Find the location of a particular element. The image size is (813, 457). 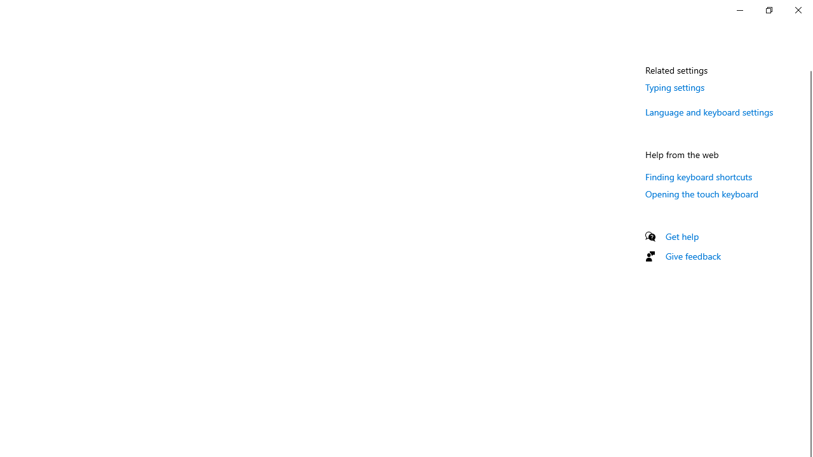

'Close Settings' is located at coordinates (797, 10).